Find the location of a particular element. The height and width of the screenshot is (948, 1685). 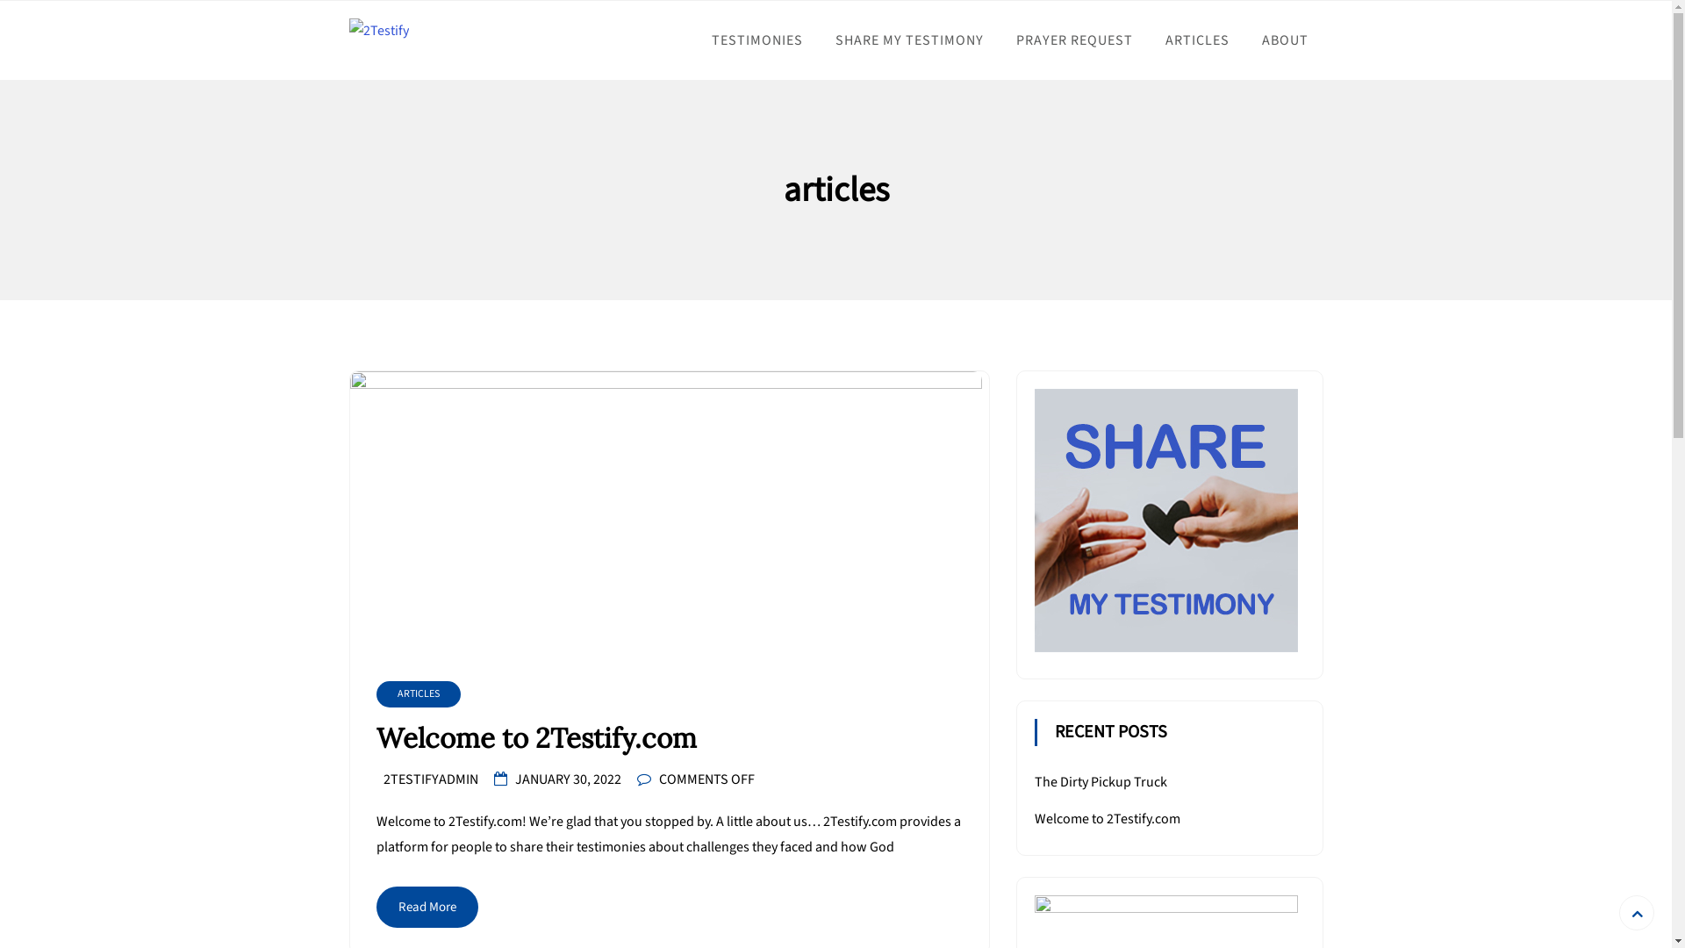

'PRAYER REQUEST' is located at coordinates (1072, 39).